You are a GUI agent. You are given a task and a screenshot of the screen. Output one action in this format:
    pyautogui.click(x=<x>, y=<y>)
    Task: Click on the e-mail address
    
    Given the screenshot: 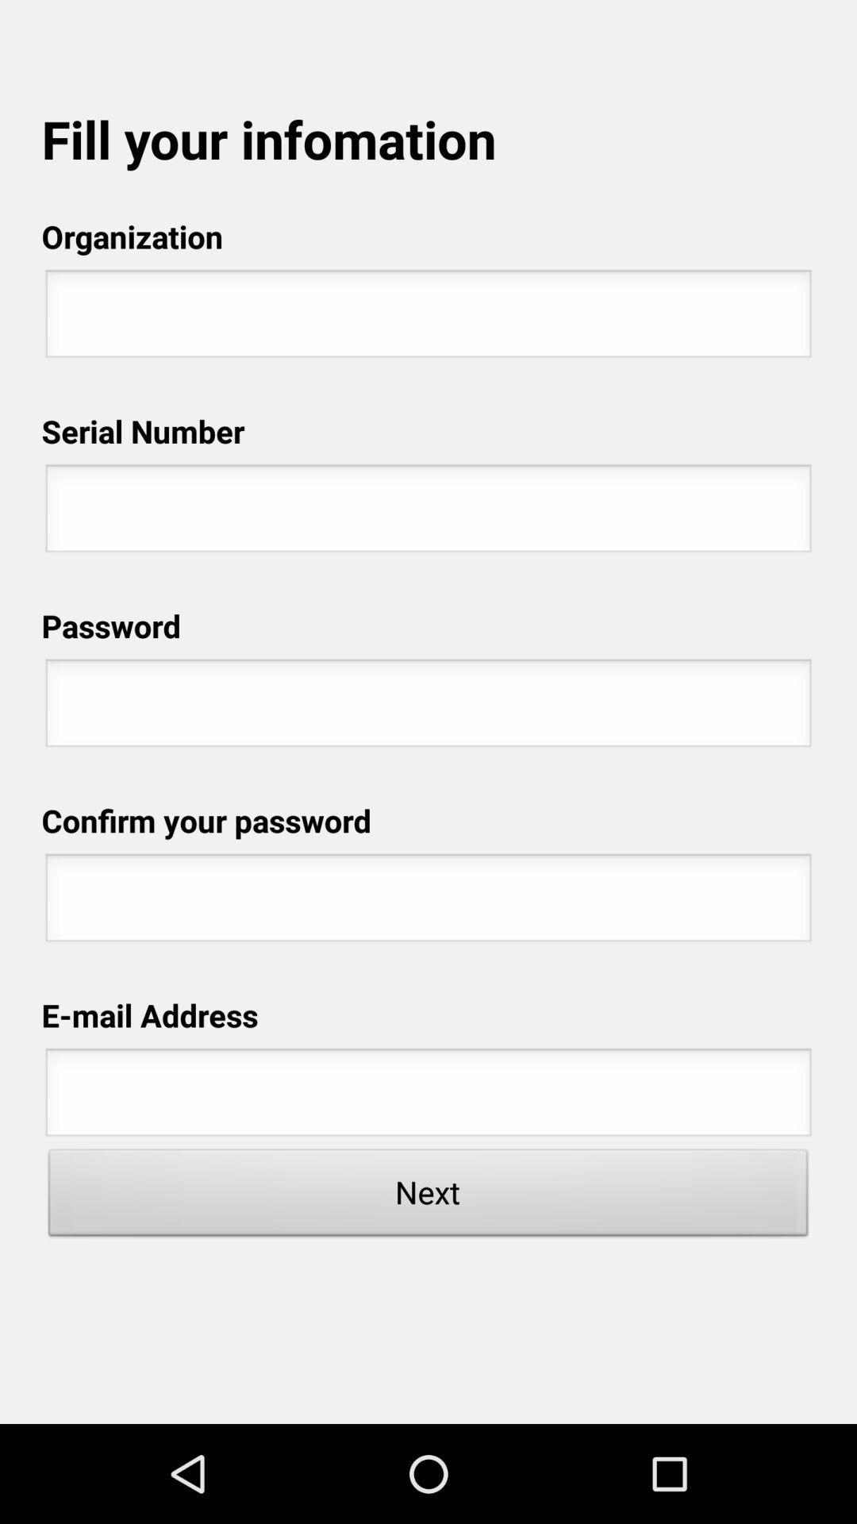 What is the action you would take?
    pyautogui.click(x=428, y=1096)
    